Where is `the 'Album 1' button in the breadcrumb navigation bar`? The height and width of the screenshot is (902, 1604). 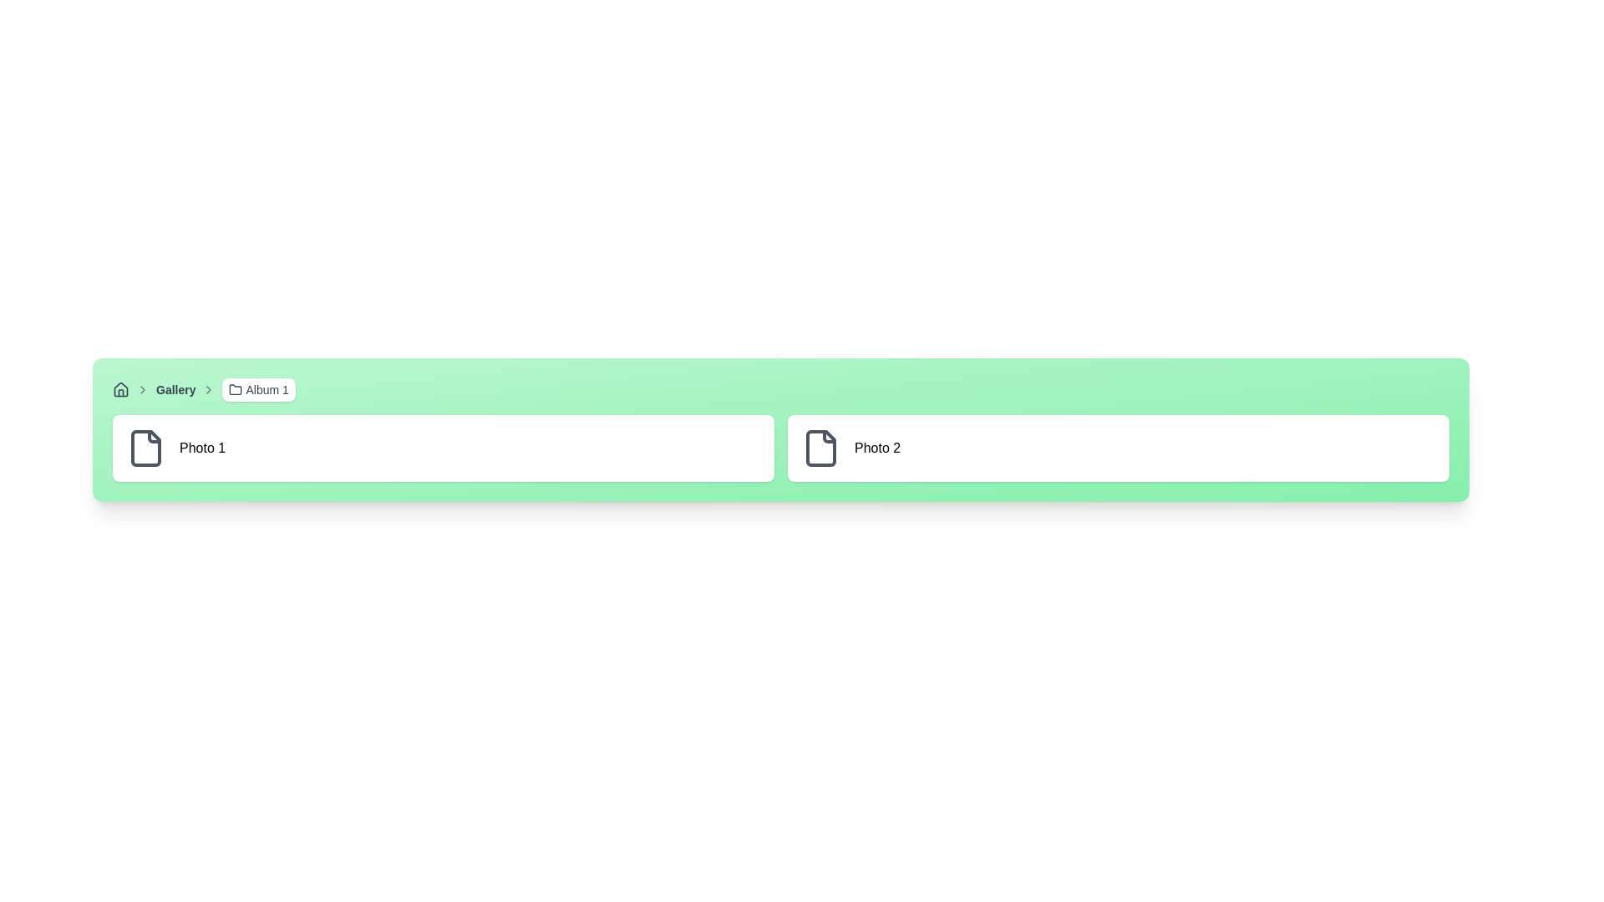
the 'Album 1' button in the breadcrumb navigation bar is located at coordinates (258, 389).